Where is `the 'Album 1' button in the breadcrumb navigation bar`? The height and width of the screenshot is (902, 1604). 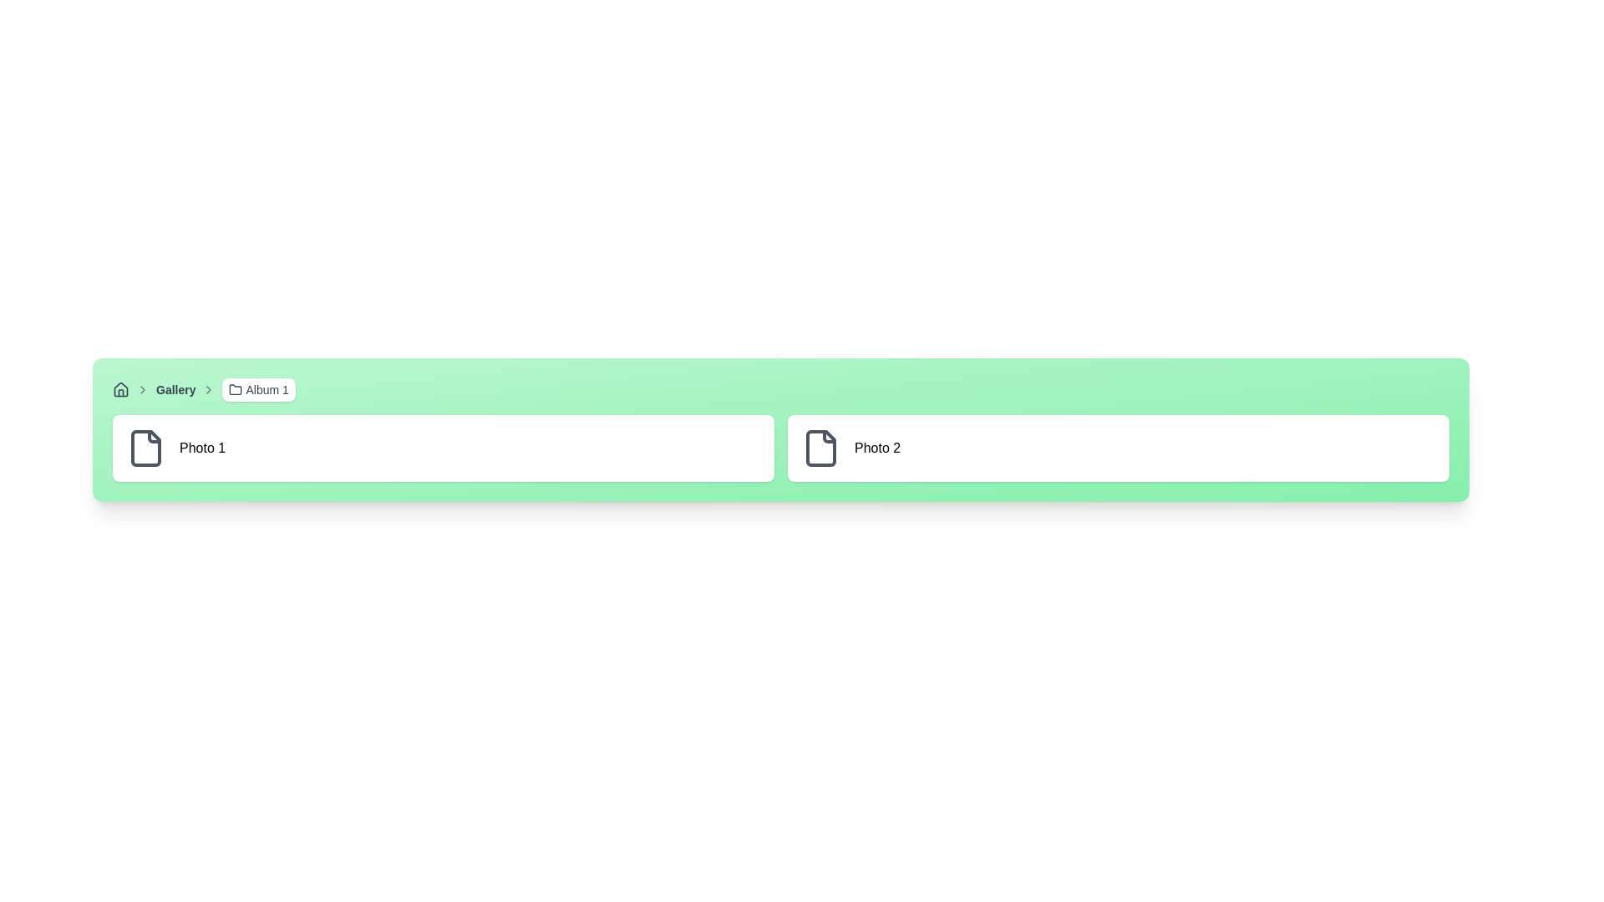
the 'Album 1' button in the breadcrumb navigation bar is located at coordinates (258, 389).